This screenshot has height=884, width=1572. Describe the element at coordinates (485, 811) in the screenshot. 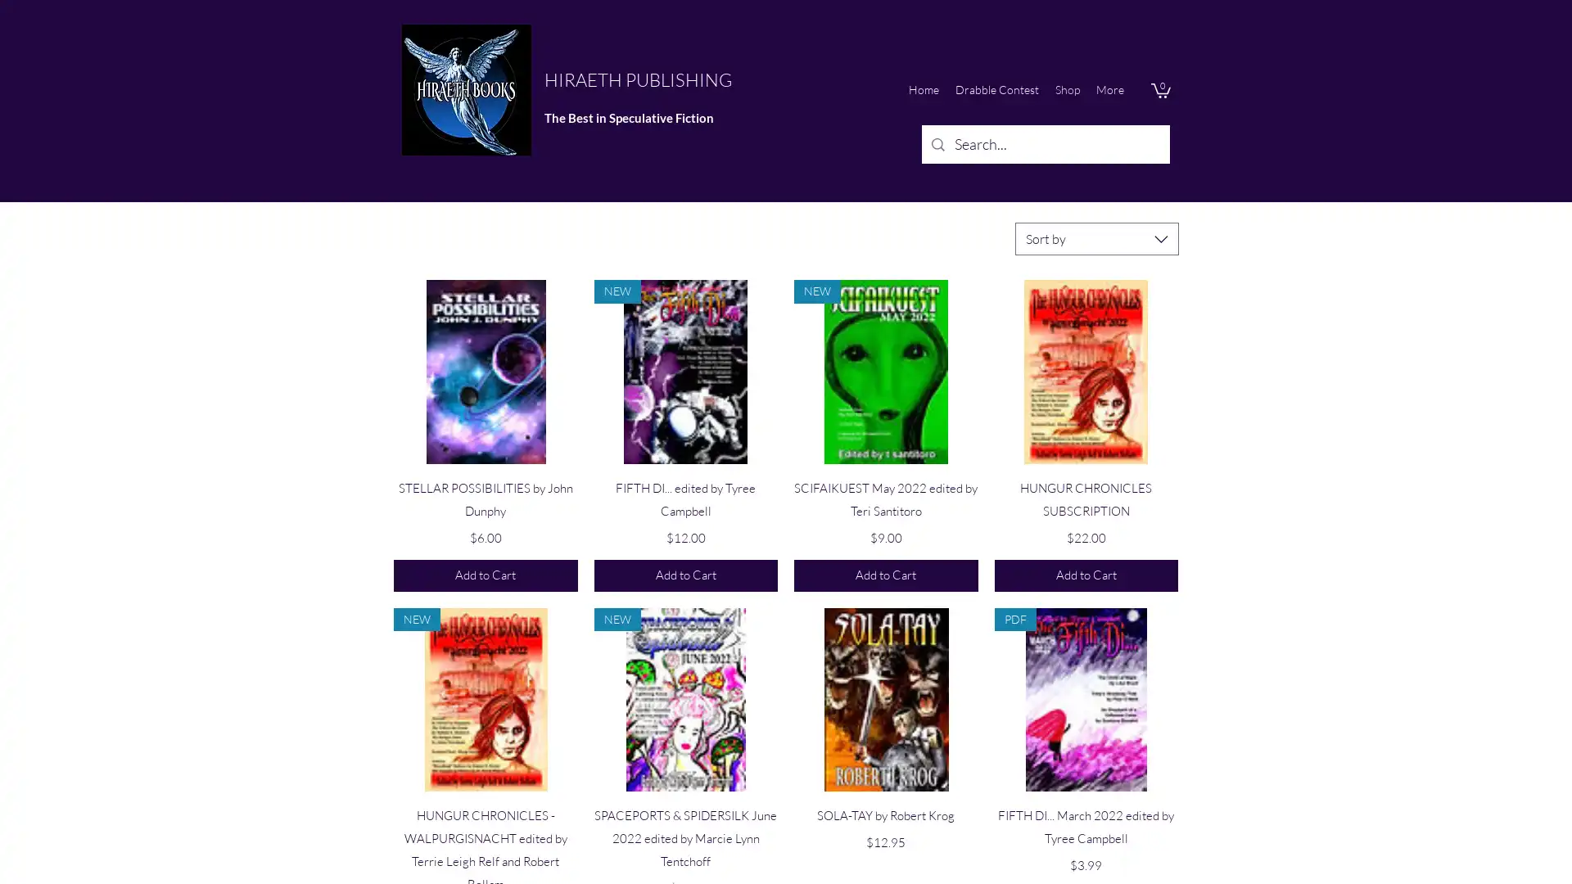

I see `Quick View` at that location.